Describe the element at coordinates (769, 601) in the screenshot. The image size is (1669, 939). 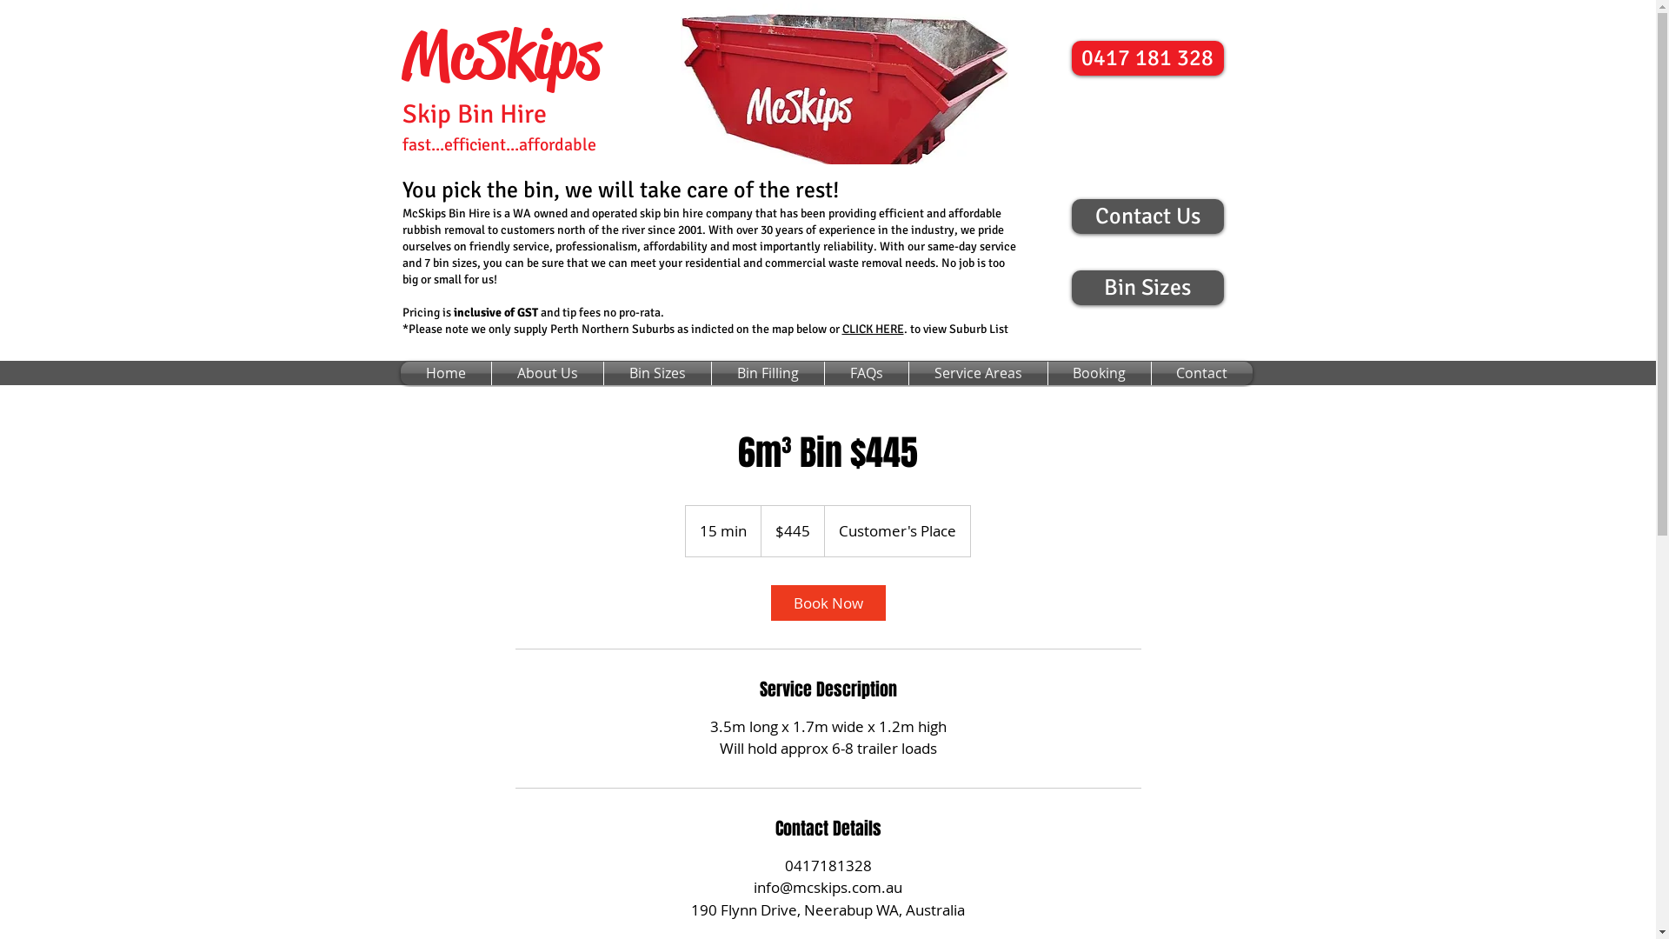
I see `'Book Now'` at that location.